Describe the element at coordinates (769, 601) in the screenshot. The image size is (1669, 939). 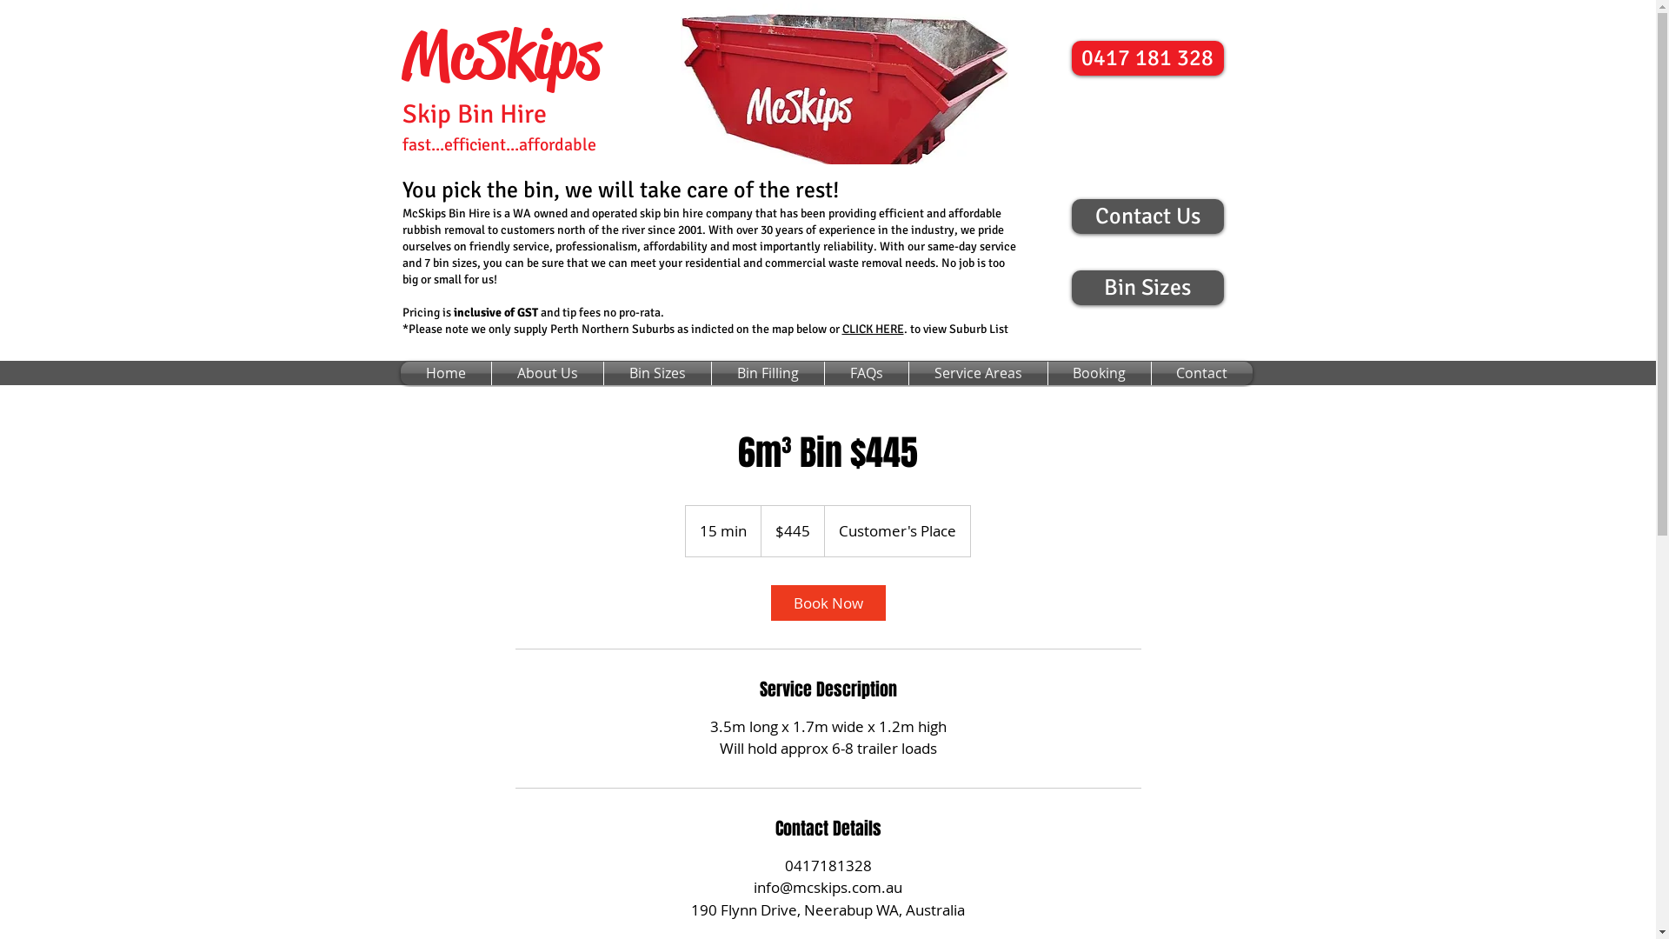
I see `'Book Now'` at that location.